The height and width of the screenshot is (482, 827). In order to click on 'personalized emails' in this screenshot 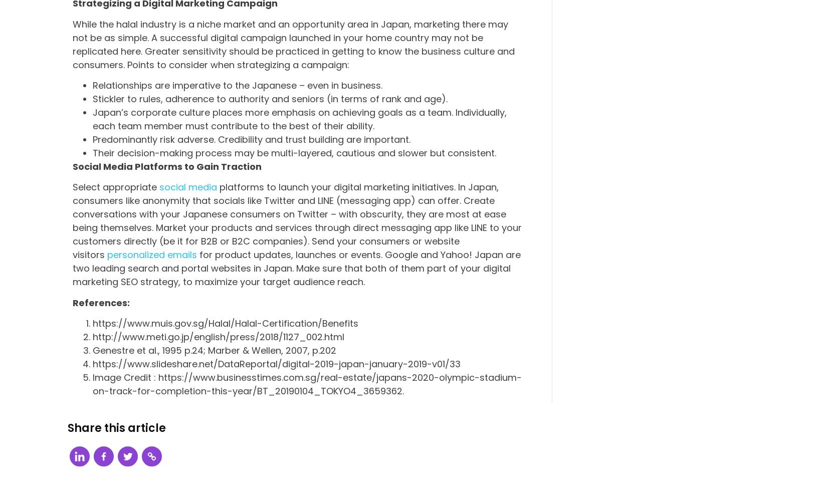, I will do `click(152, 254)`.